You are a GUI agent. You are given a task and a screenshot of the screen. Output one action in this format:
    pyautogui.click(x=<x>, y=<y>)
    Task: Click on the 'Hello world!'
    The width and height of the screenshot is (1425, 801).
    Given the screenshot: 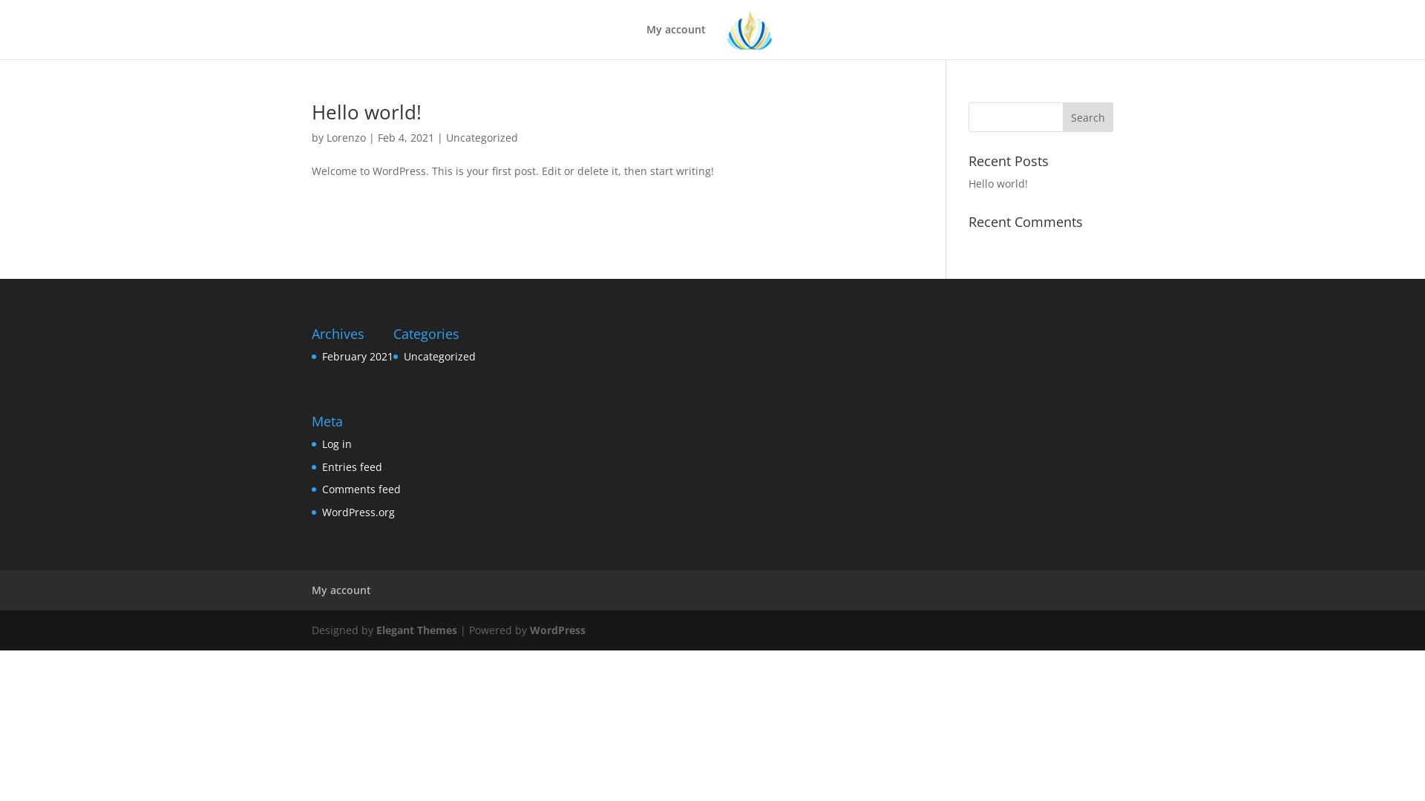 What is the action you would take?
    pyautogui.click(x=367, y=111)
    